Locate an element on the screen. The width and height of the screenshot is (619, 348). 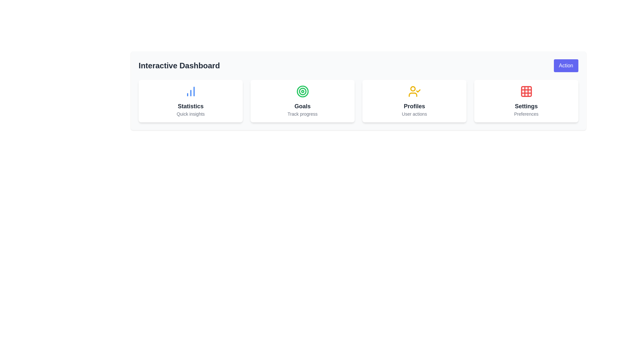
the user profile icon, which features a circular head and a checkmark symbol styled in yellow with a defined outline, located above the text 'Profiles' and 'User actions' within the Profiles card is located at coordinates (414, 92).